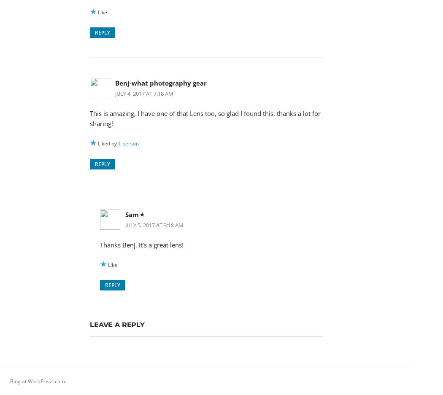  I want to click on 'Liked by', so click(98, 143).